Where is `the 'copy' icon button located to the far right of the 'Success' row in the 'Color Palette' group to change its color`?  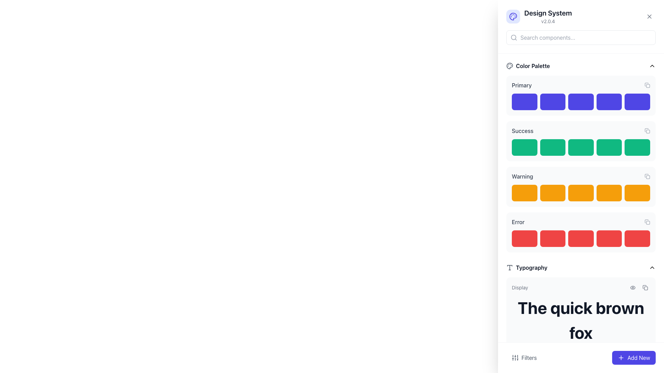 the 'copy' icon button located to the far right of the 'Success' row in the 'Color Palette' group to change its color is located at coordinates (647, 131).